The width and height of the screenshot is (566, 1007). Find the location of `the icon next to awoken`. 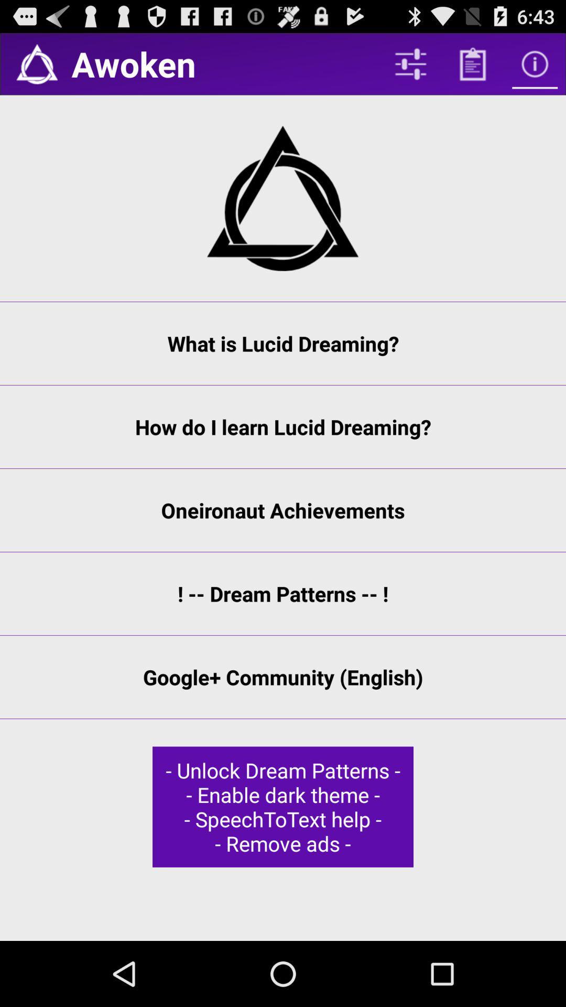

the icon next to awoken is located at coordinates (36, 63).